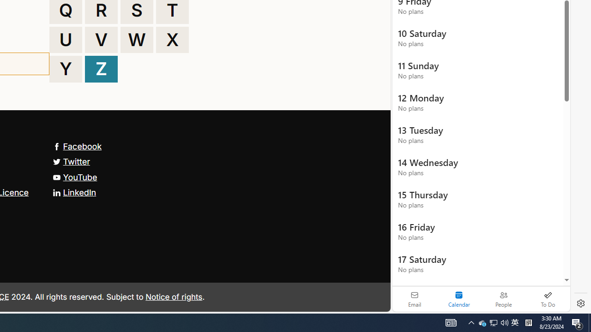  Describe the element at coordinates (101, 39) in the screenshot. I see `'V'` at that location.